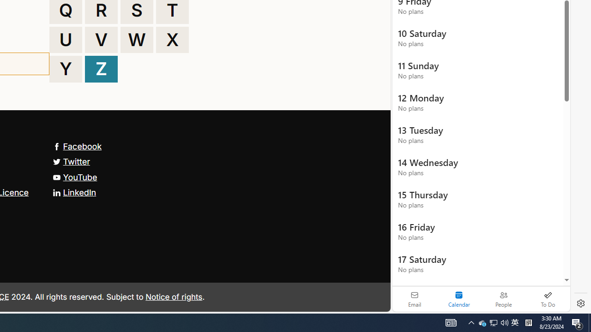  Describe the element at coordinates (101, 39) in the screenshot. I see `'V'` at that location.